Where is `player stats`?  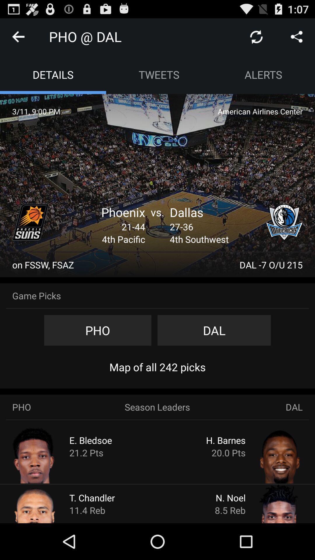
player stats is located at coordinates (269, 455).